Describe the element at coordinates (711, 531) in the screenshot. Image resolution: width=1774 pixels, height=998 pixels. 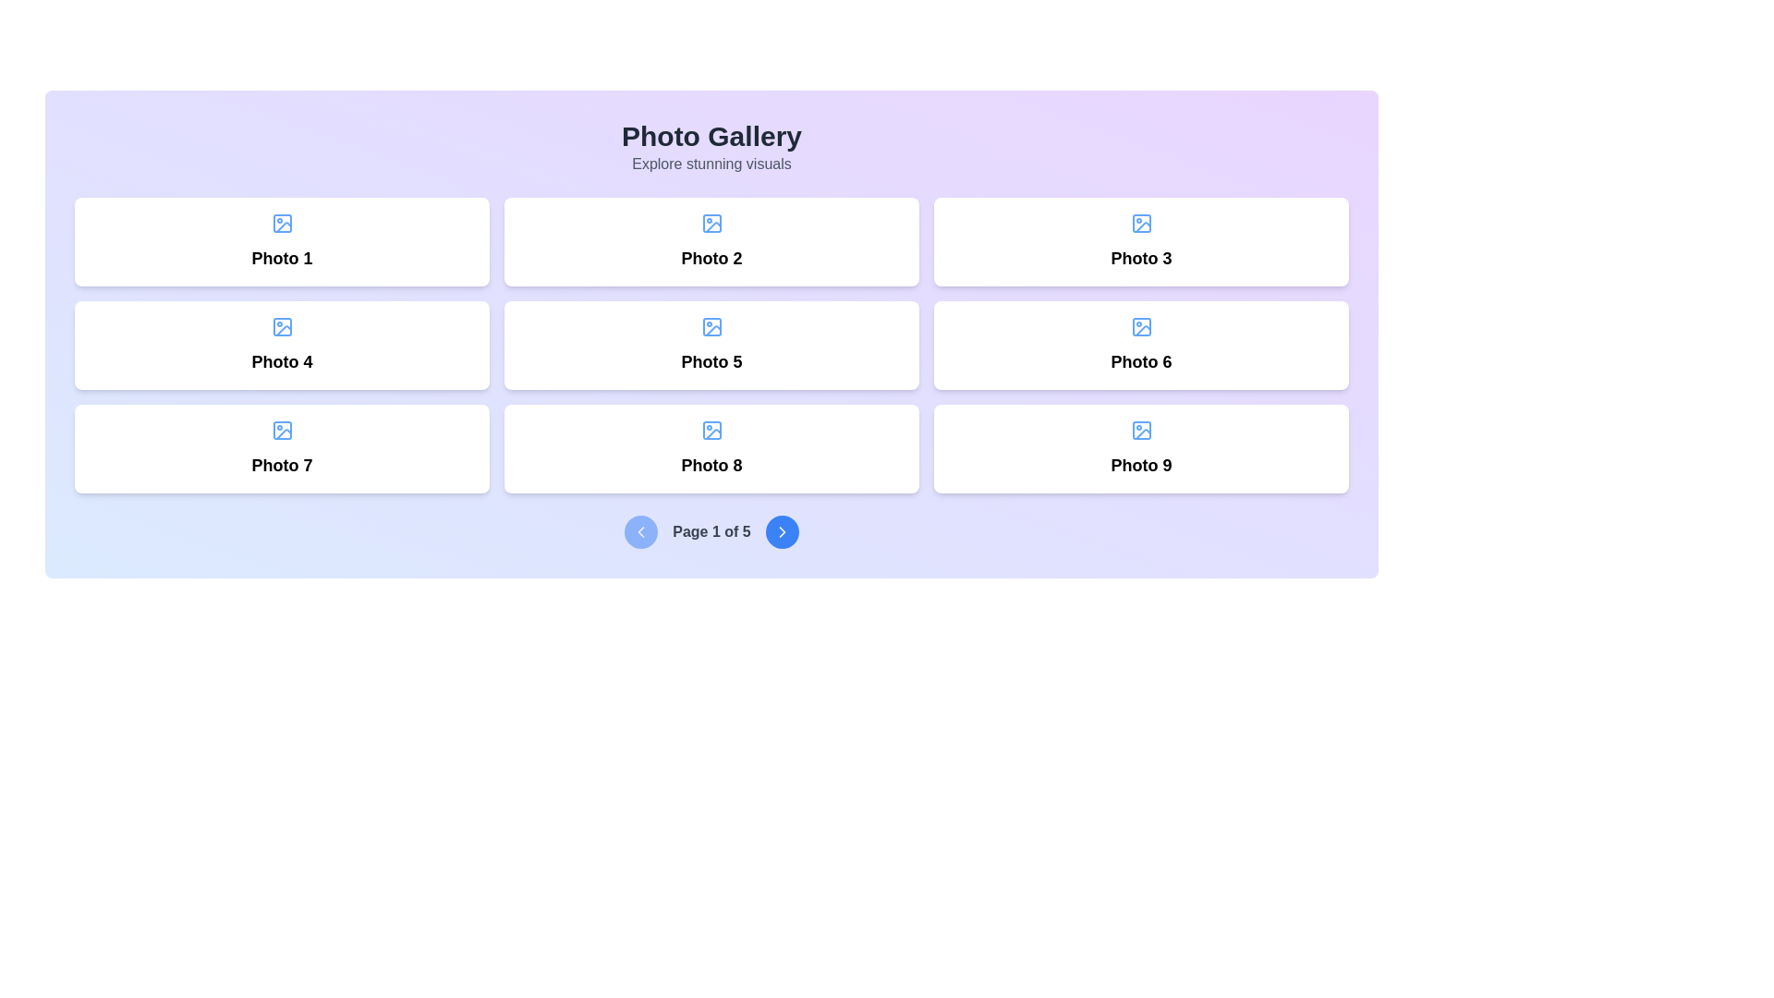
I see `the text label that represents the current page in the pagination system, located at the bottom of the interface between the left and right navigation buttons` at that location.